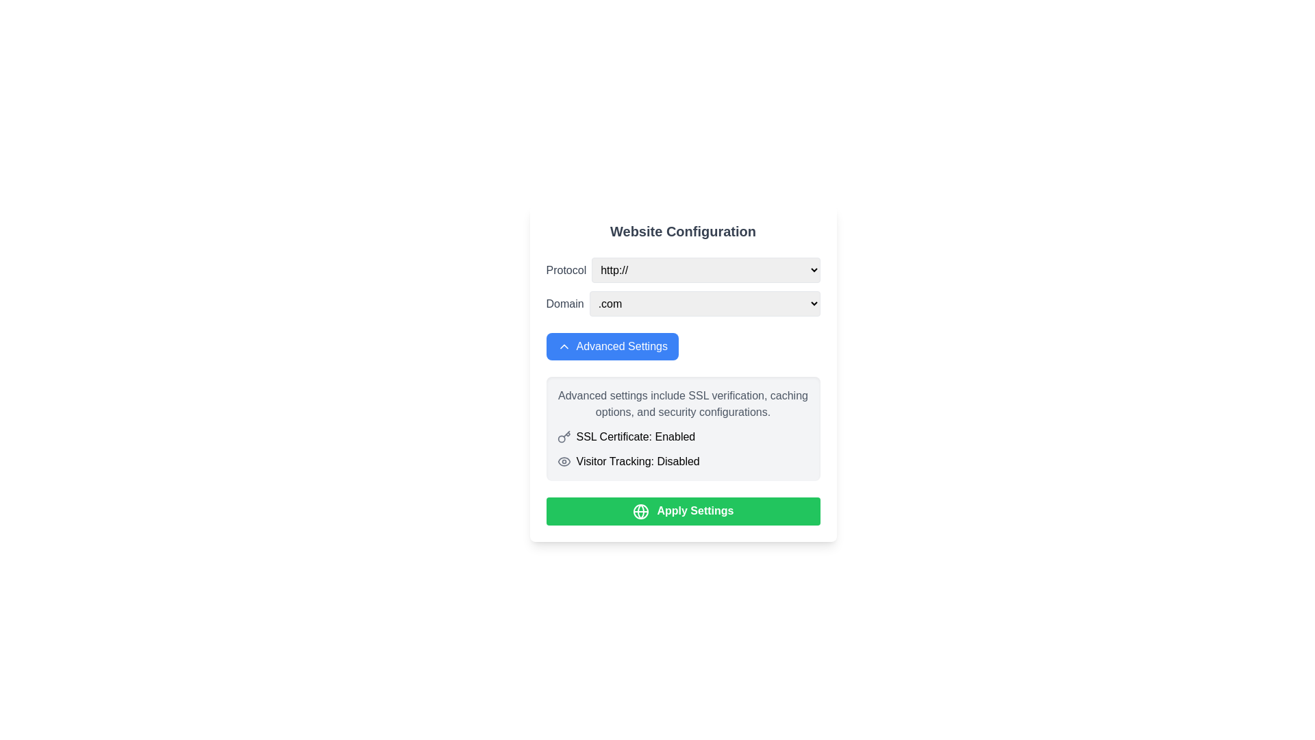  I want to click on the 'Advanced Settings' button, so click(564, 345).